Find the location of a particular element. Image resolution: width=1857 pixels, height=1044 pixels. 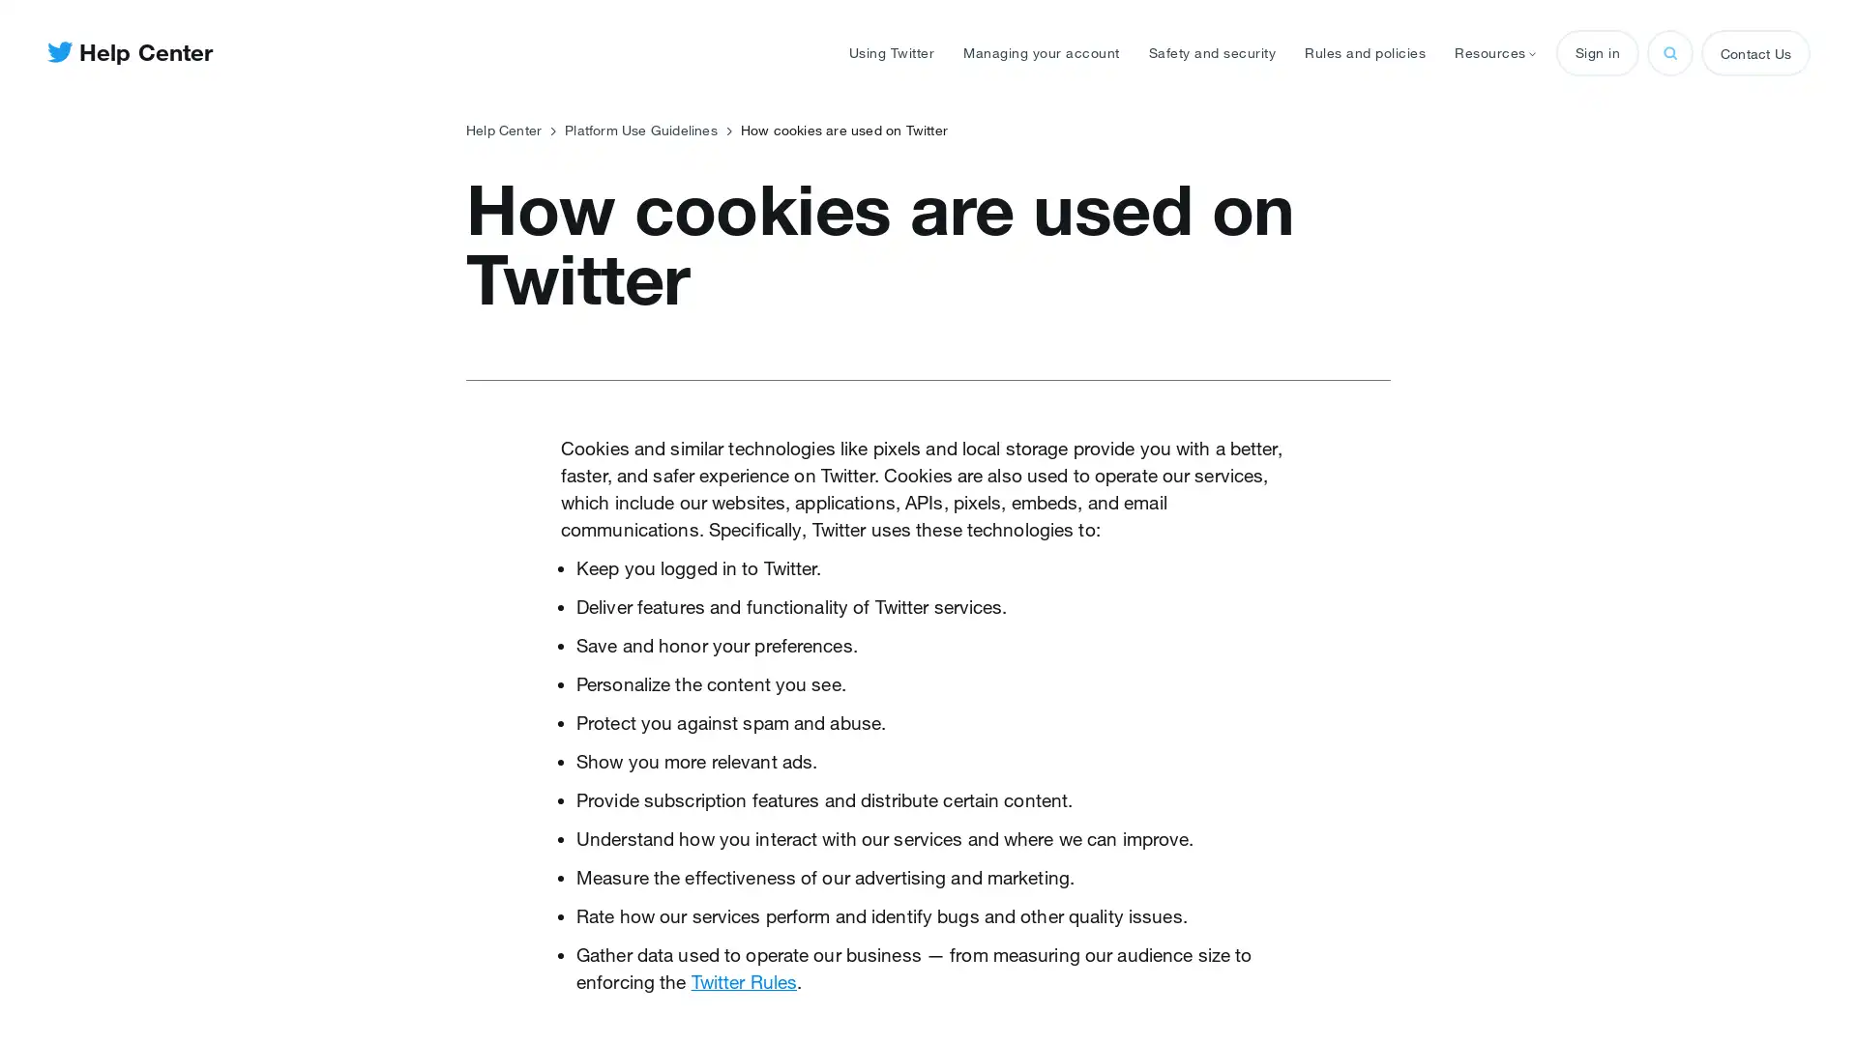

Open search menu is located at coordinates (1669, 51).